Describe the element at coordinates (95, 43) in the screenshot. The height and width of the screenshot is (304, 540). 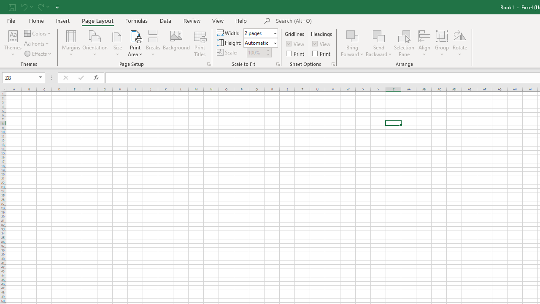
I see `'Orientation'` at that location.